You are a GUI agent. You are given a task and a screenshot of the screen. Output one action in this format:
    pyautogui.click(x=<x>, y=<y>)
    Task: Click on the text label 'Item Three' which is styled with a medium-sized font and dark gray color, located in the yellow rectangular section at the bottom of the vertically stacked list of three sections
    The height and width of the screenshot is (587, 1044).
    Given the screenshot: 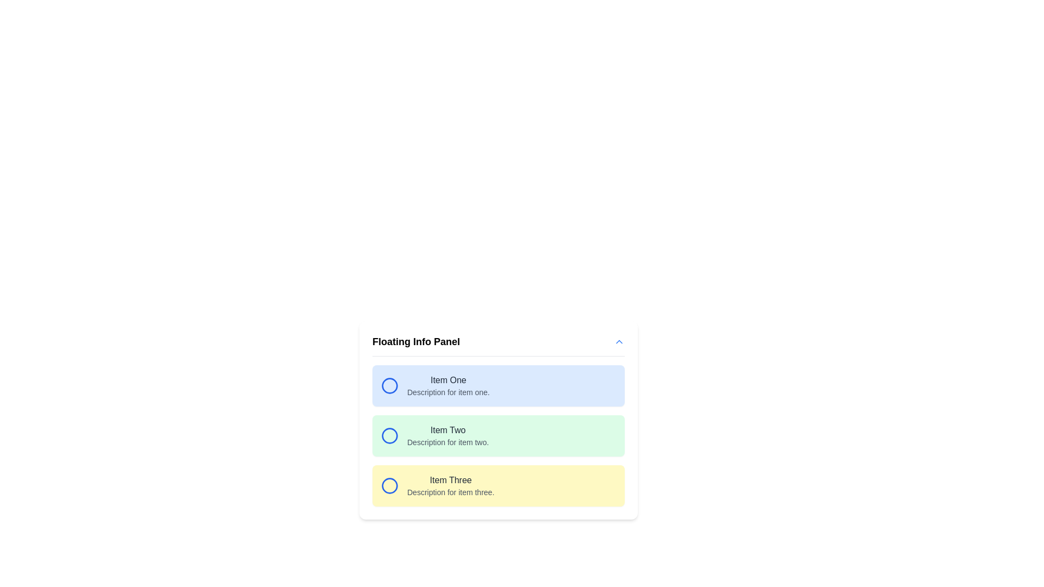 What is the action you would take?
    pyautogui.click(x=451, y=479)
    